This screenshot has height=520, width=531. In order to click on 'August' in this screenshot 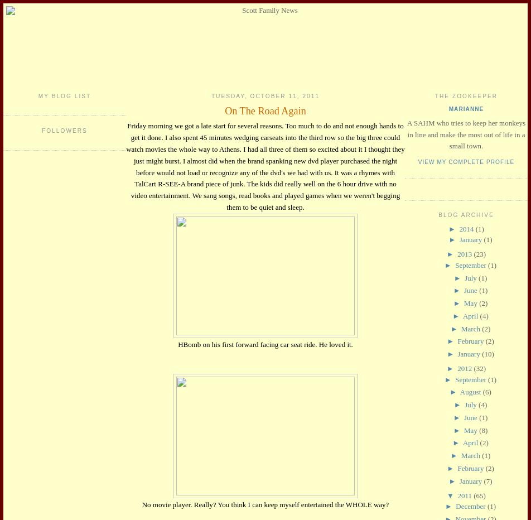, I will do `click(471, 391)`.